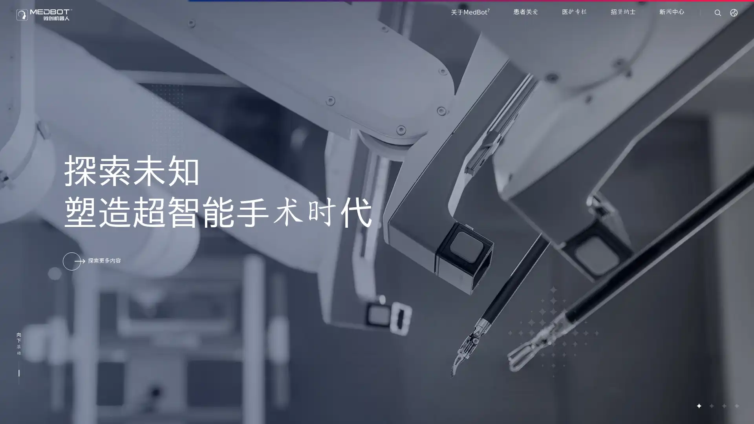 The image size is (754, 424). I want to click on Go to slide 1, so click(699, 406).